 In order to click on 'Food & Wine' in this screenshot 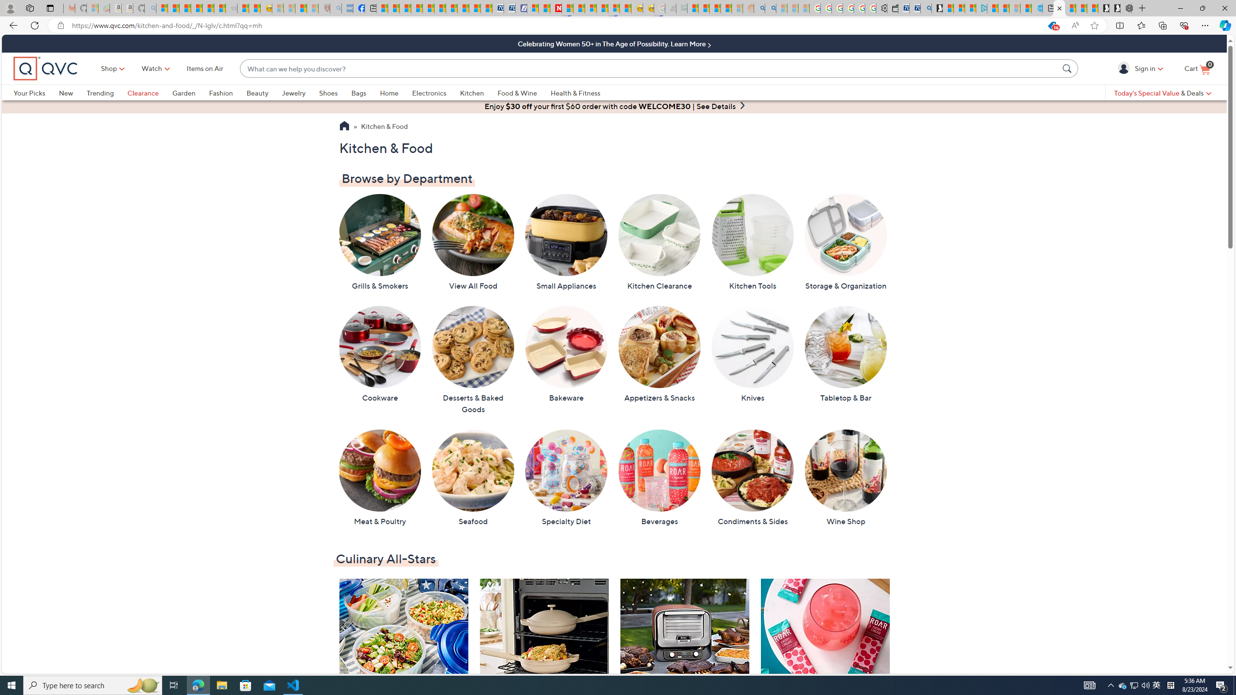, I will do `click(517, 92)`.